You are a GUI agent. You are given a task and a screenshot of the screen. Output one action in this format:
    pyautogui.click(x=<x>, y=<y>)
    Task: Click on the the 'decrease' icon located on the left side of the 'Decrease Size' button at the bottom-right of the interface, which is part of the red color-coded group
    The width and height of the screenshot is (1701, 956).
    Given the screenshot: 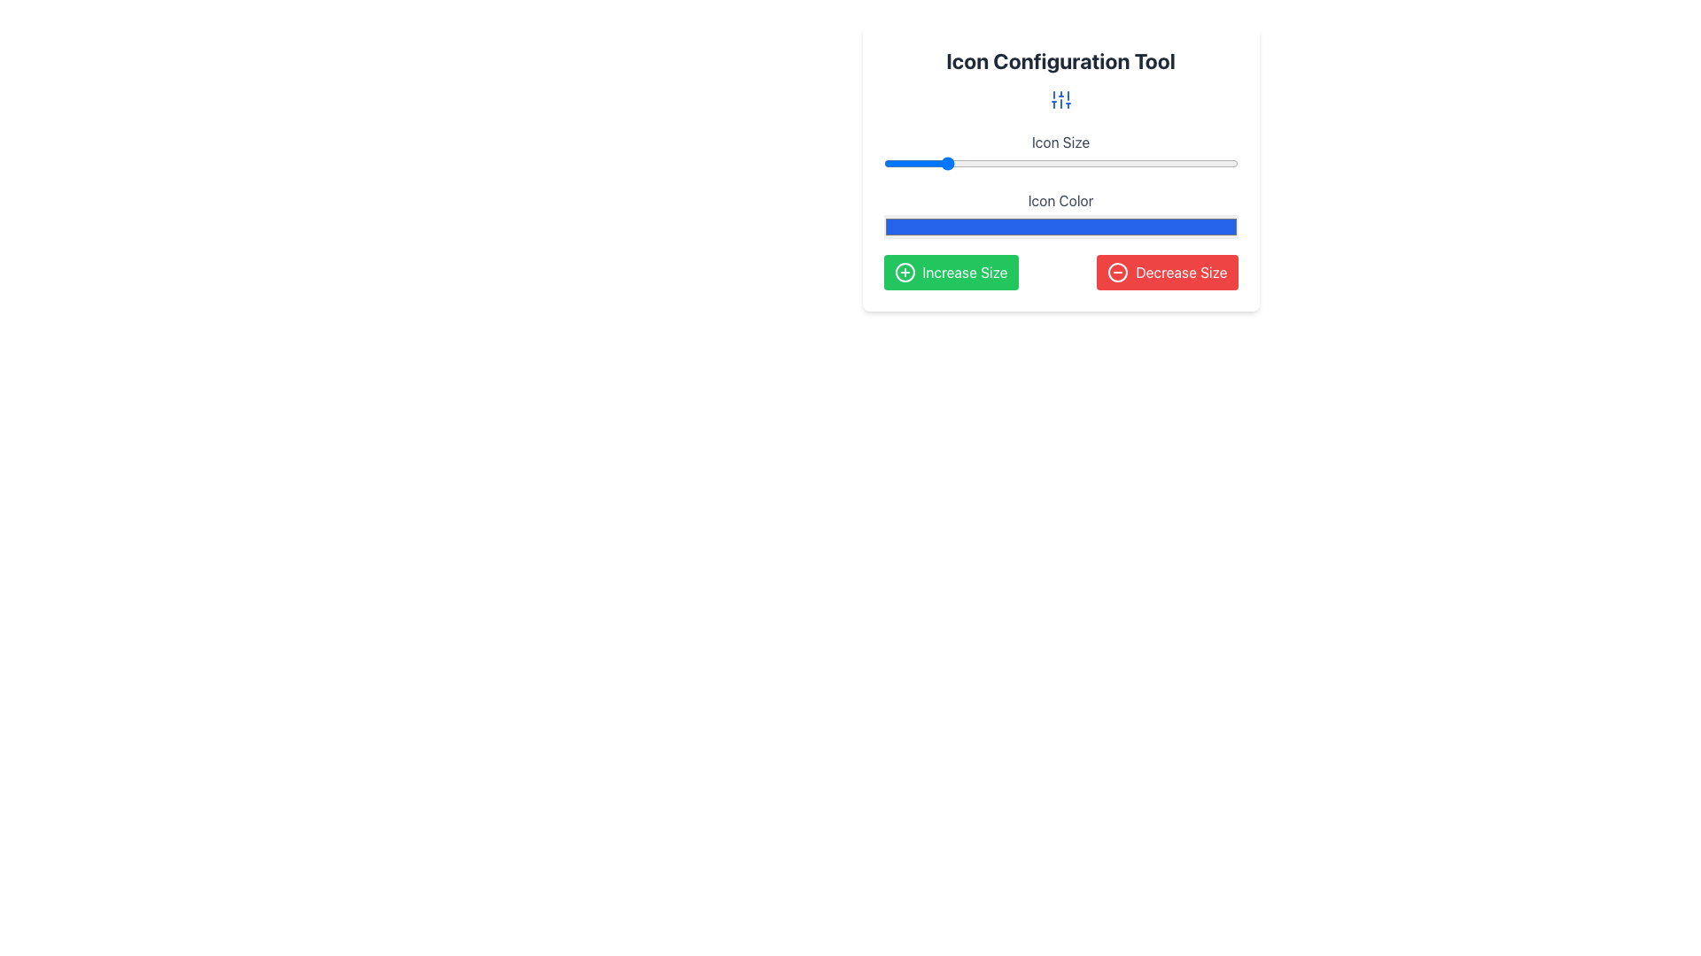 What is the action you would take?
    pyautogui.click(x=1117, y=273)
    